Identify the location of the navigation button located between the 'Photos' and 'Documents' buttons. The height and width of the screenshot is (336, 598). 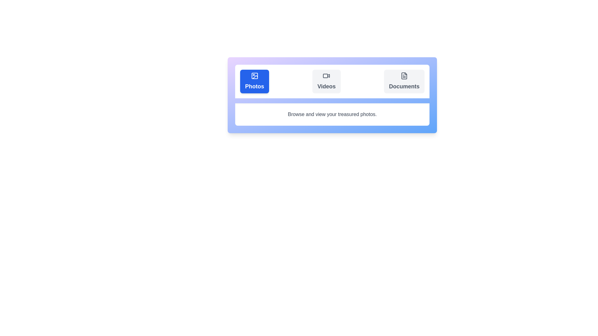
(326, 81).